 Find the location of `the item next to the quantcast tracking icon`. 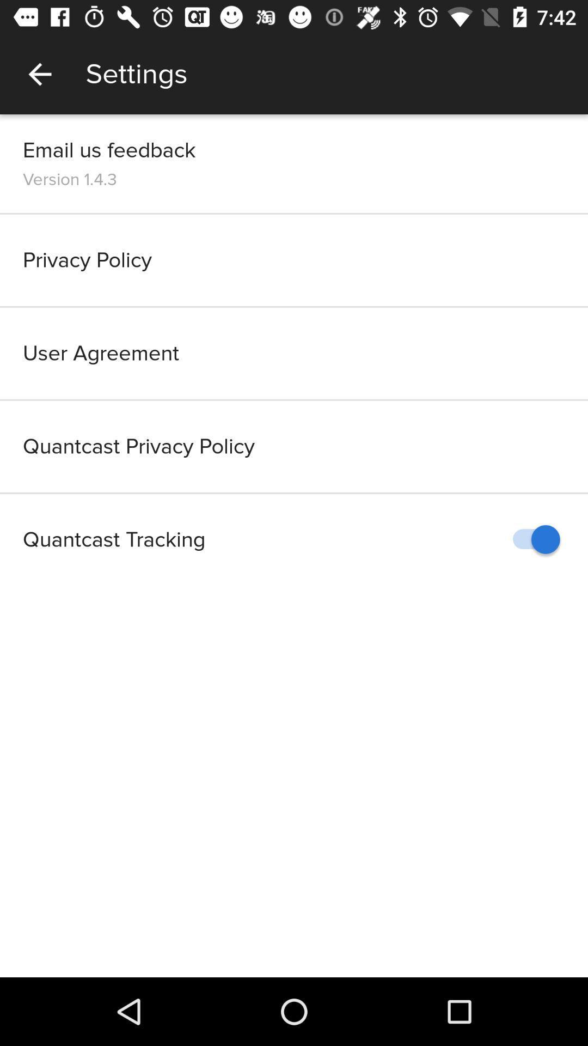

the item next to the quantcast tracking icon is located at coordinates (530, 539).